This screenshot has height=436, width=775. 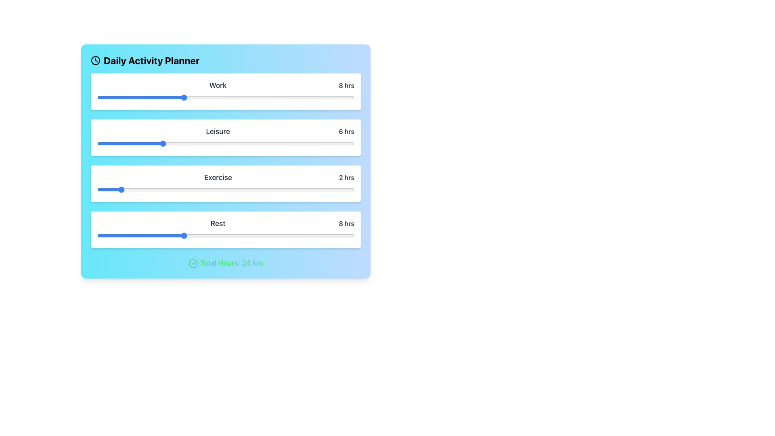 What do you see at coordinates (268, 97) in the screenshot?
I see `'Work' hours` at bounding box center [268, 97].